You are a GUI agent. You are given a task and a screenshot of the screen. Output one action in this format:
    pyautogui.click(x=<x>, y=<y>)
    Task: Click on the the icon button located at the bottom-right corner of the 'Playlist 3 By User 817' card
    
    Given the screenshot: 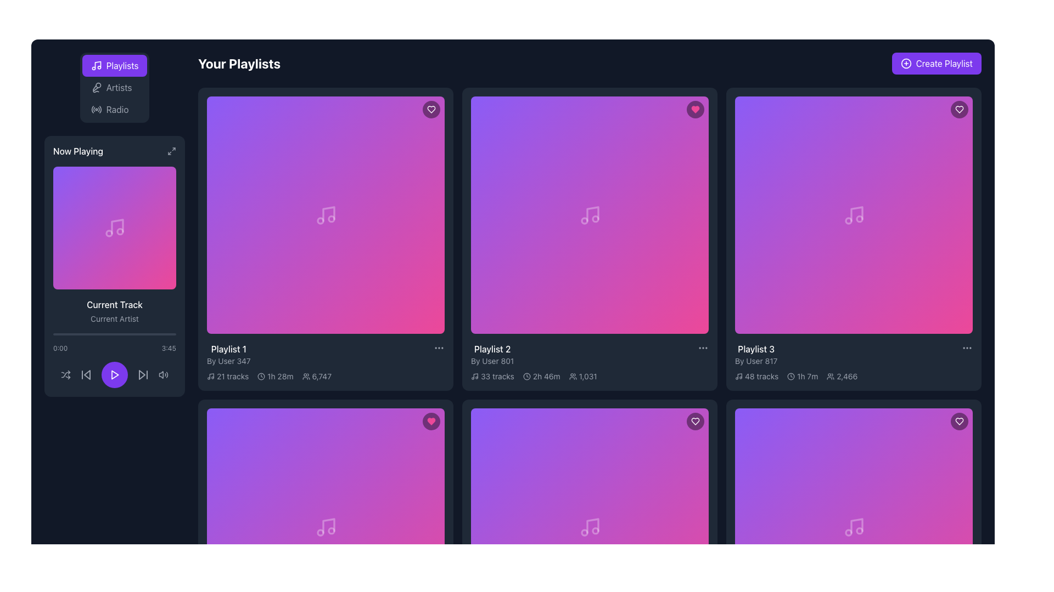 What is the action you would take?
    pyautogui.click(x=967, y=348)
    